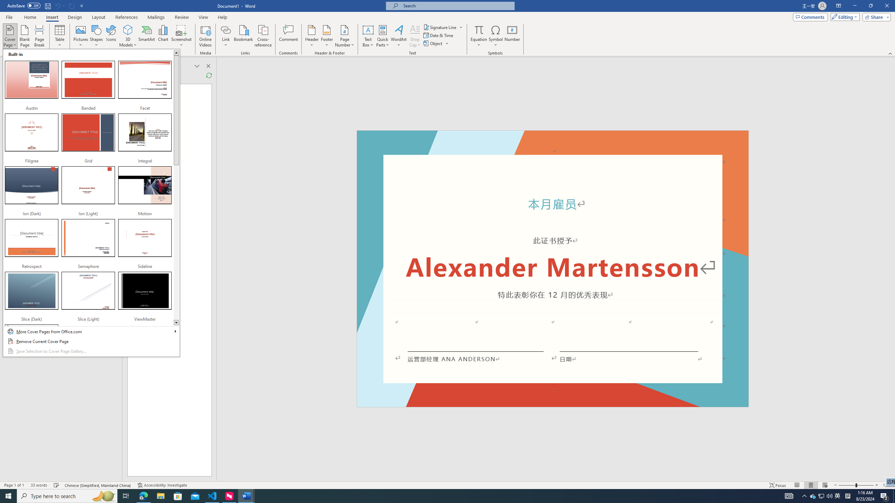 The image size is (895, 503). Describe the element at coordinates (415, 36) in the screenshot. I see `'Drop Cap'` at that location.